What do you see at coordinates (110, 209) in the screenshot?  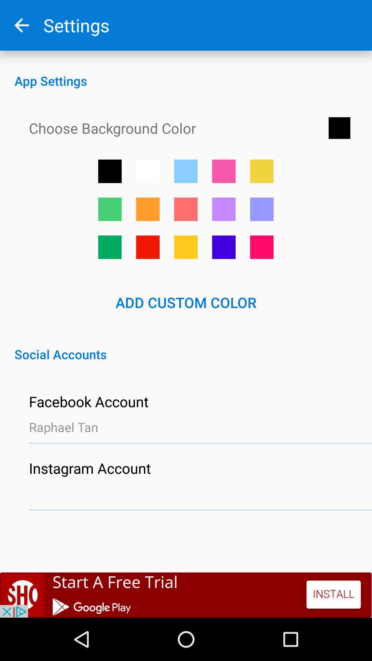 I see `color` at bounding box center [110, 209].